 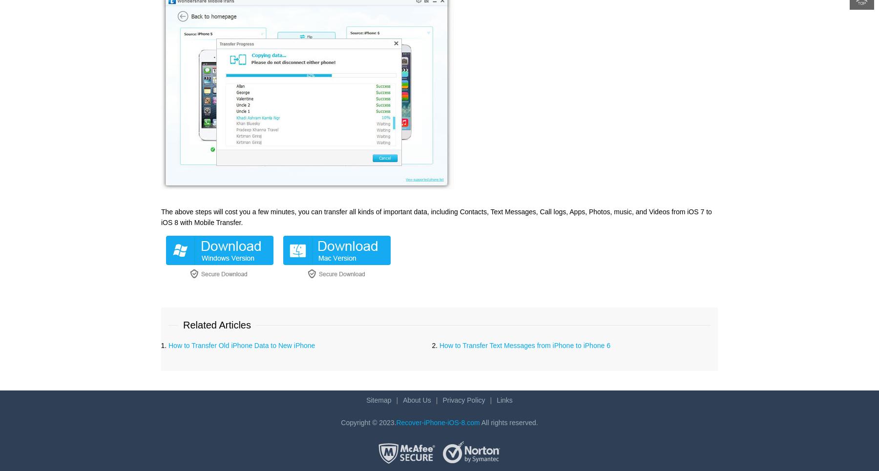 I want to click on 'Privacy Policy', so click(x=463, y=399).